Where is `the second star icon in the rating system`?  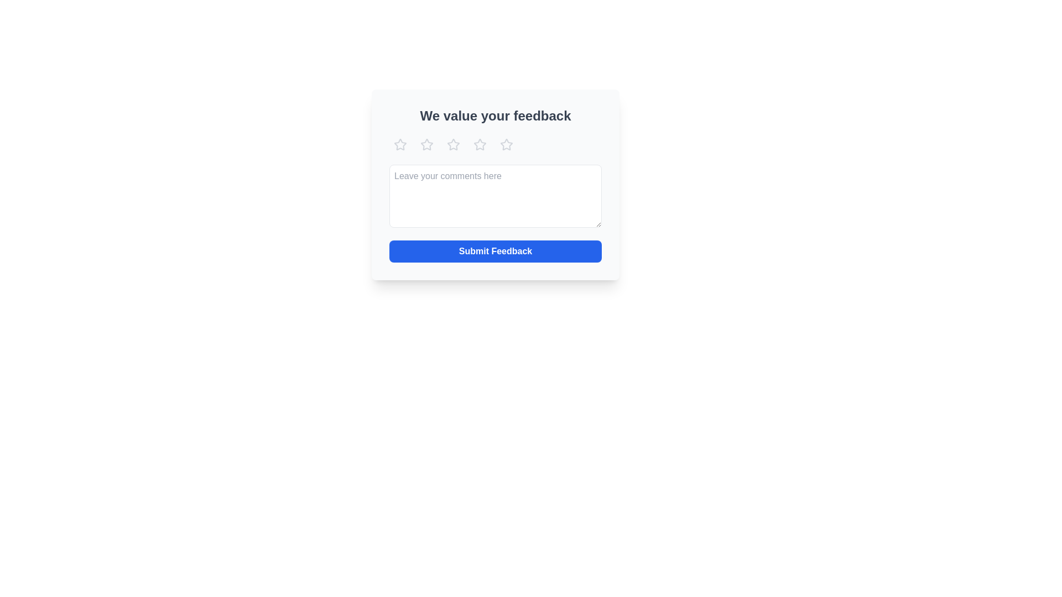 the second star icon in the rating system is located at coordinates (426, 144).